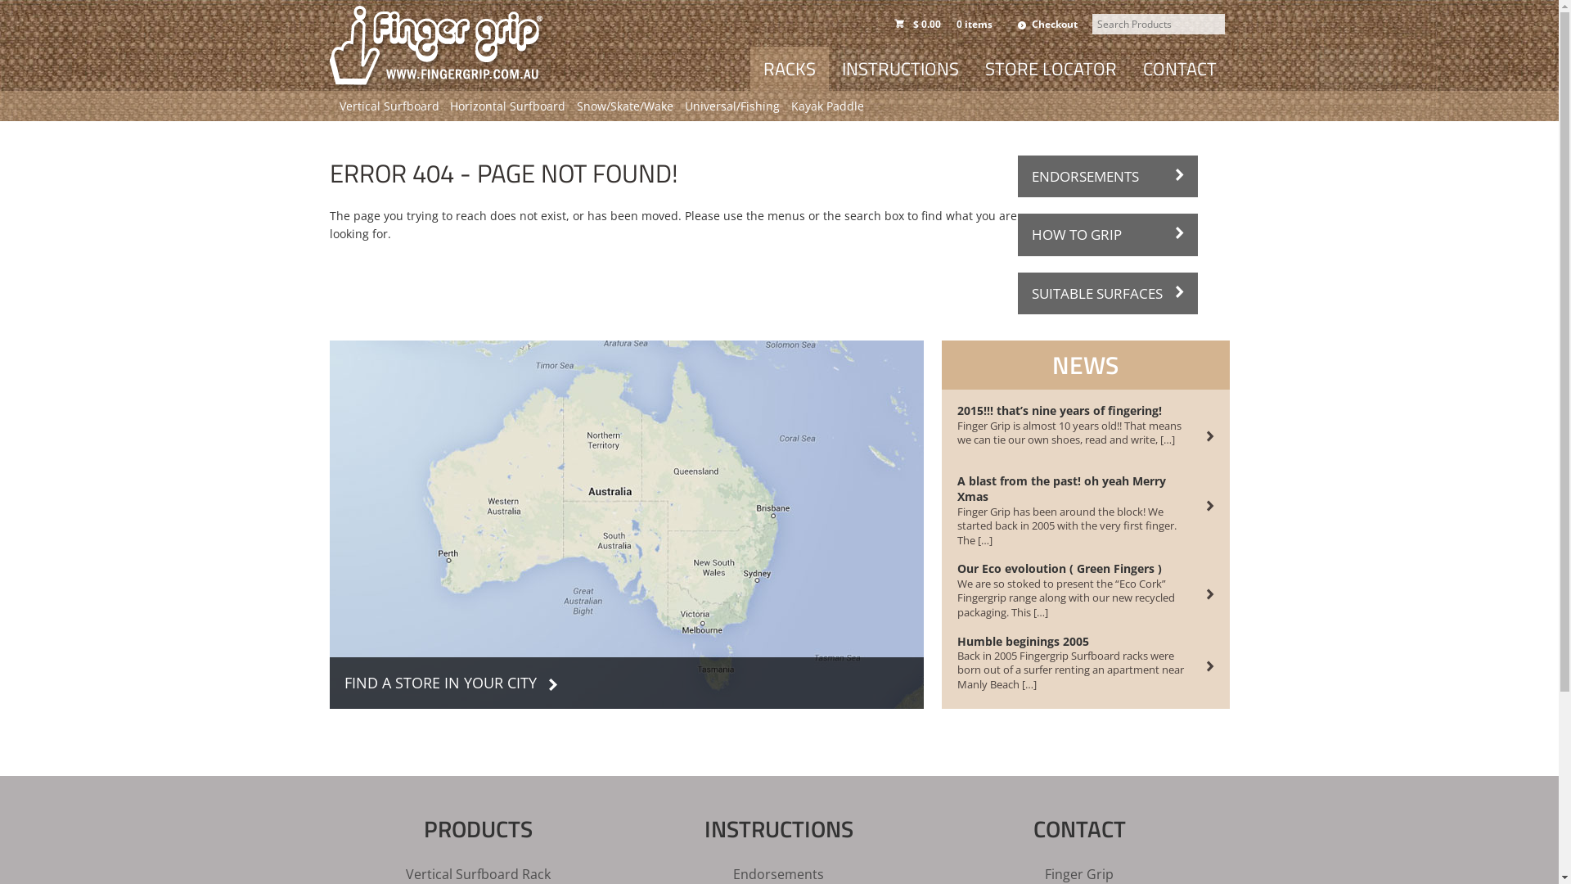 The height and width of the screenshot is (884, 1571). Describe the element at coordinates (789, 68) in the screenshot. I see `'RACKS'` at that location.